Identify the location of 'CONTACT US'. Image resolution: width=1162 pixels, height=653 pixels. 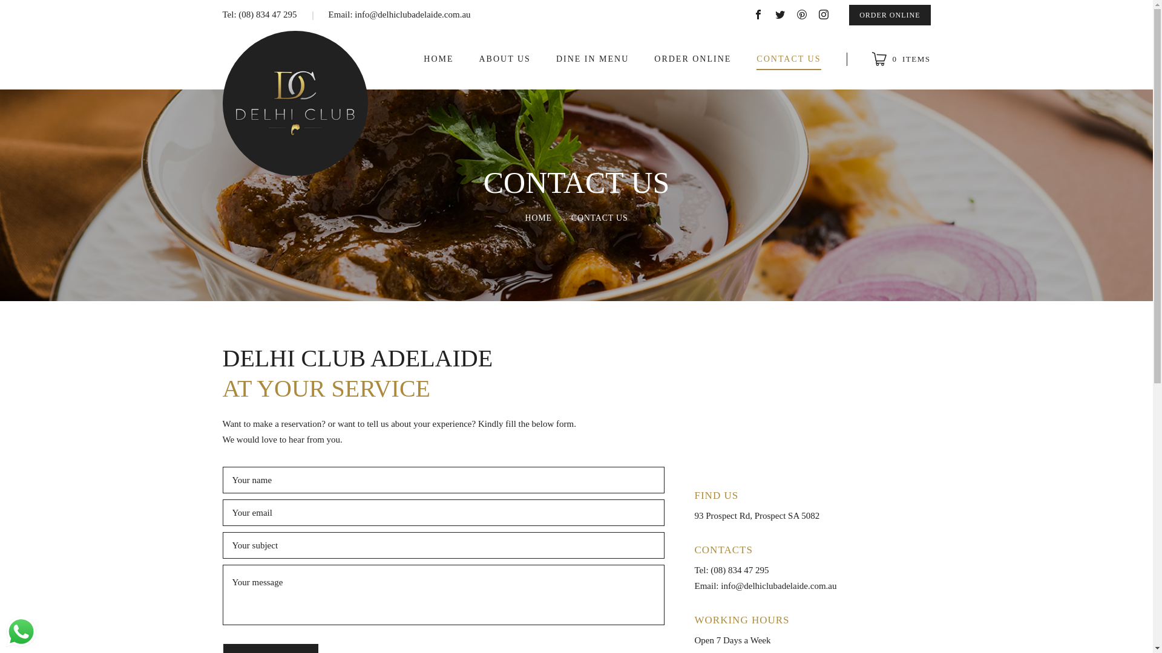
(788, 59).